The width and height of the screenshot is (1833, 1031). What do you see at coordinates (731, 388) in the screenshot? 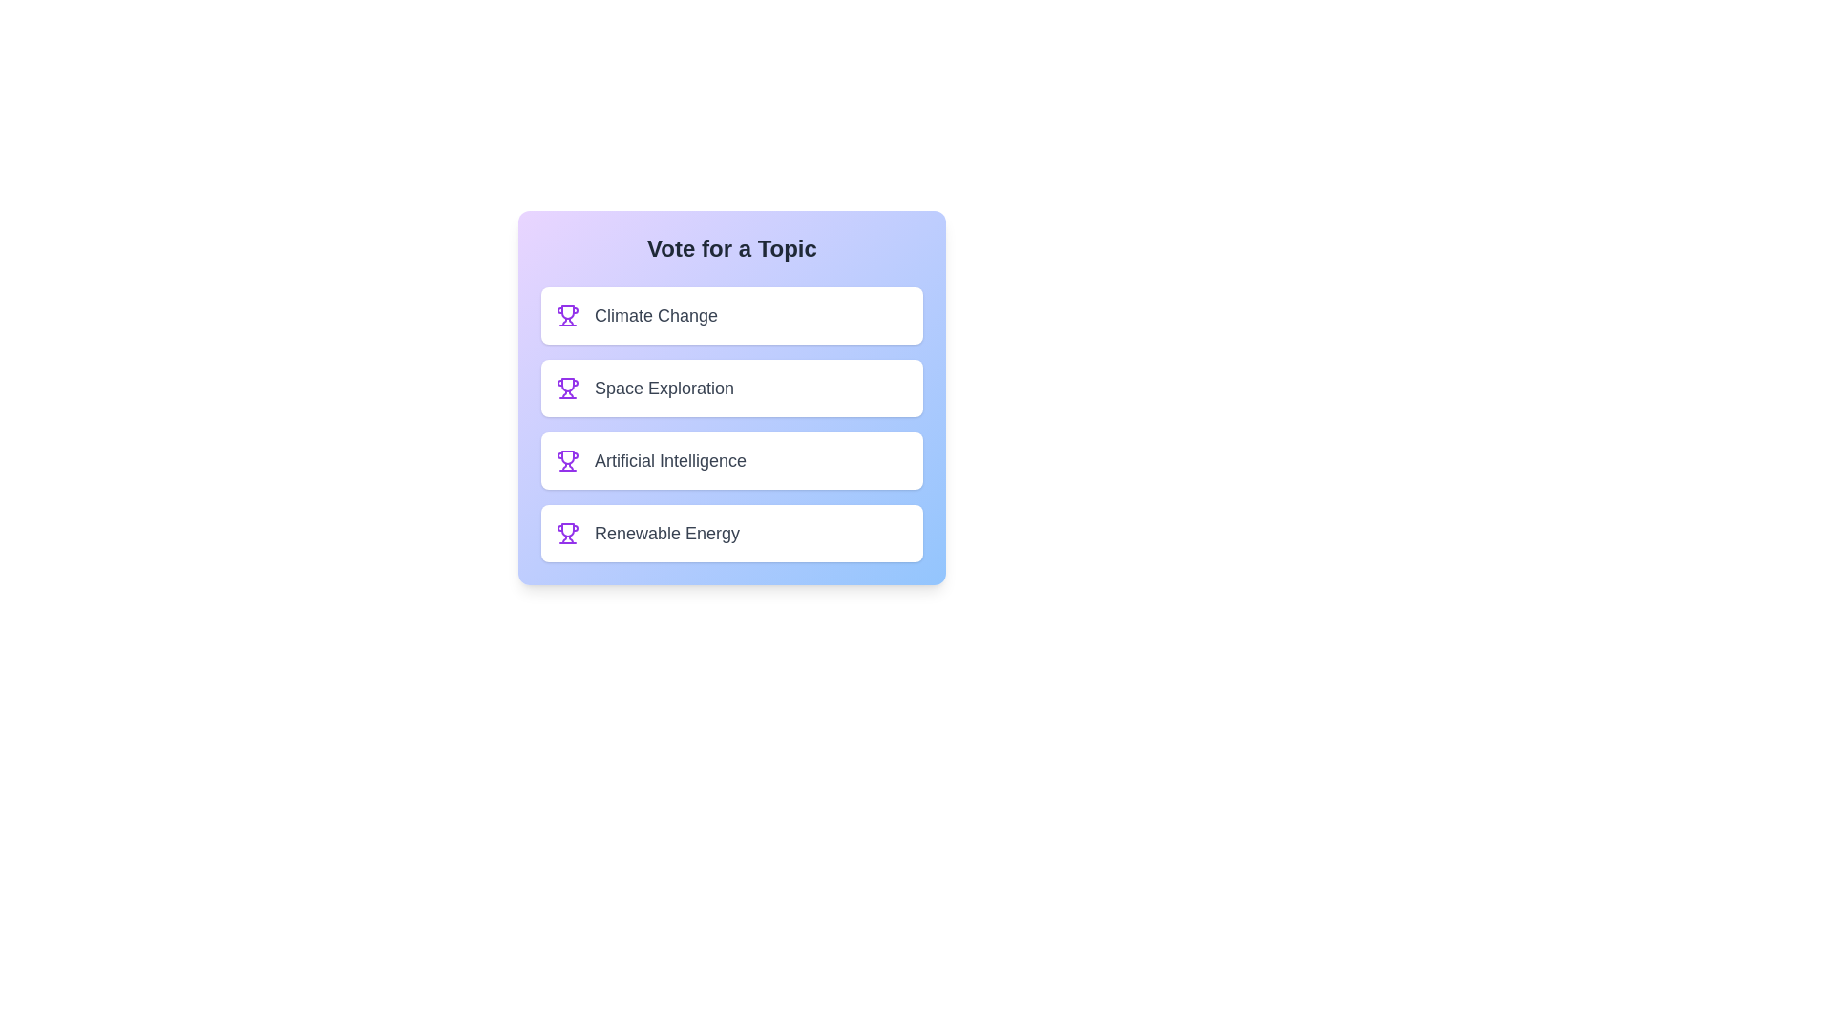
I see `the 'Space Exploration' selectable card, which is the second card from the top in a vertical list of four similar cards` at bounding box center [731, 388].